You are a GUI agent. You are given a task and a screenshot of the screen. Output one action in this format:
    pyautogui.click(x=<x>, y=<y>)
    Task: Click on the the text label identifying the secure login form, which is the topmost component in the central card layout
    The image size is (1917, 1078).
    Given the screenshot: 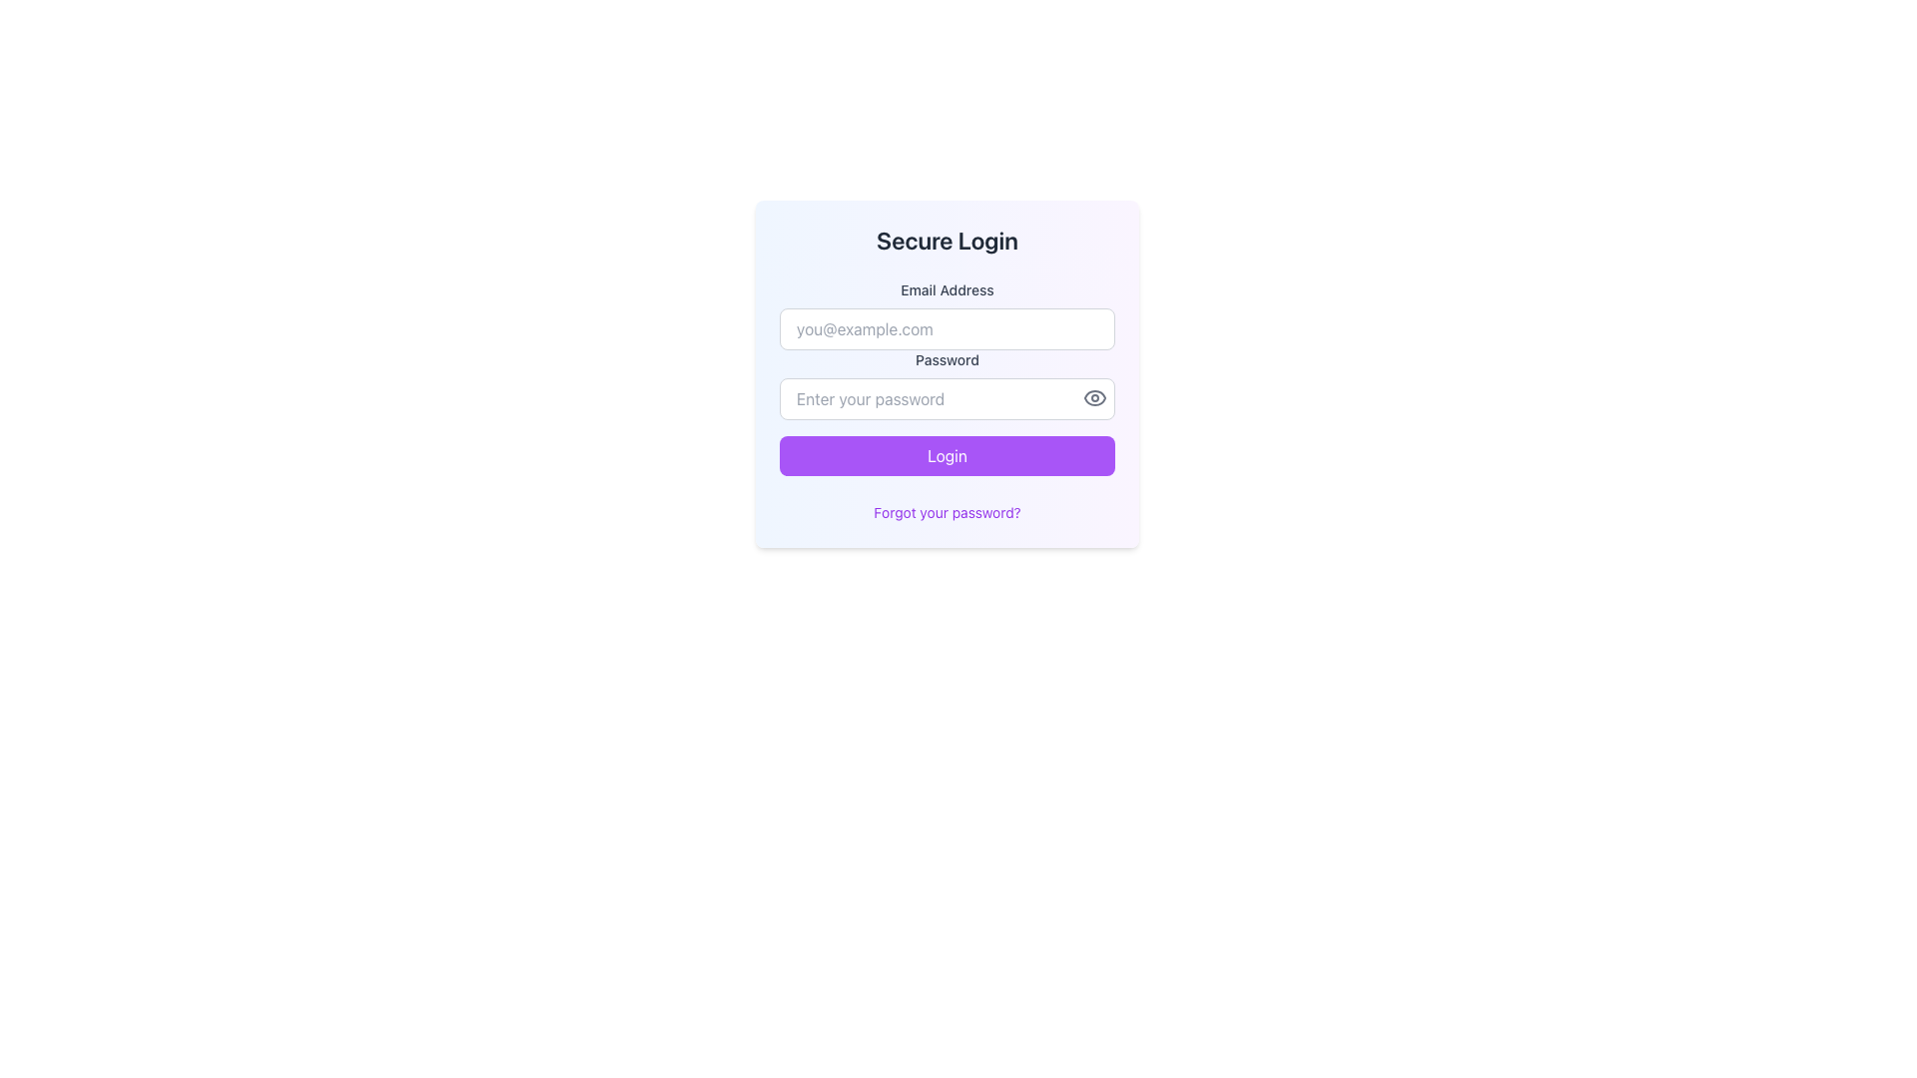 What is the action you would take?
    pyautogui.click(x=947, y=239)
    